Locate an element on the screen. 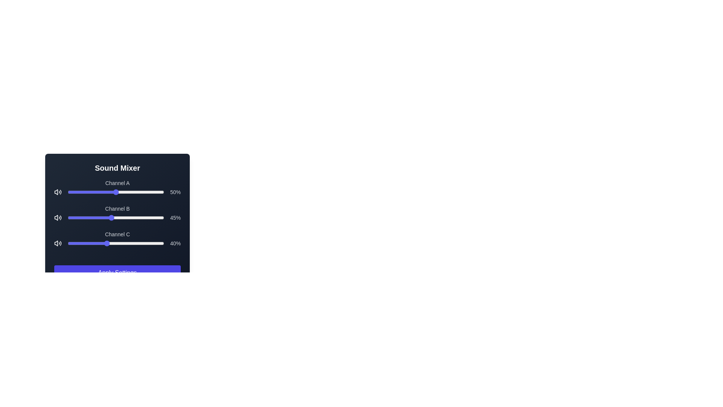 The height and width of the screenshot is (407, 723). the slider is located at coordinates (127, 243).